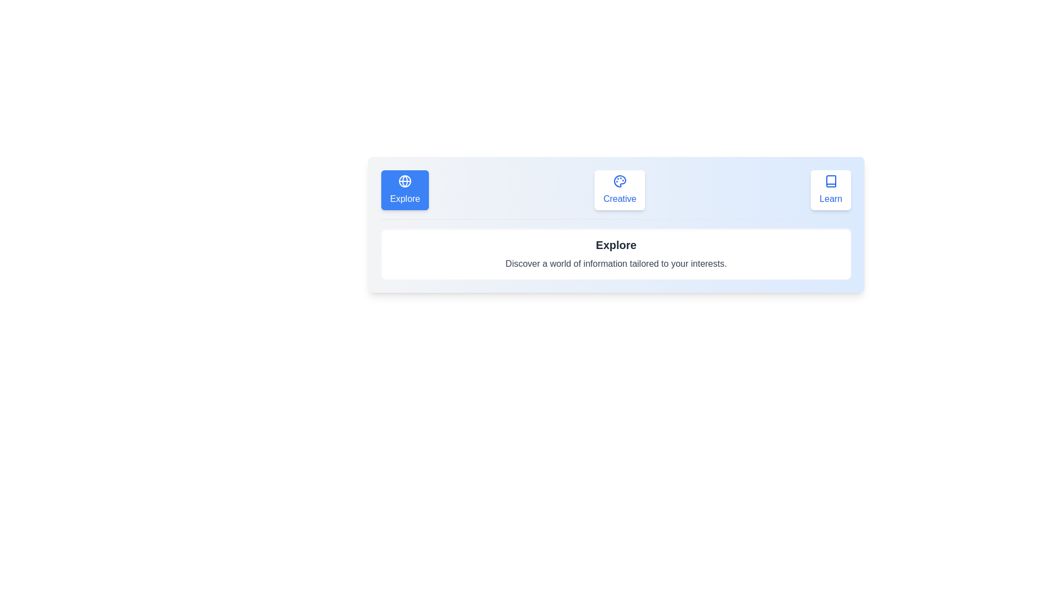 The image size is (1064, 599). What do you see at coordinates (619, 190) in the screenshot?
I see `the tab labeled Creative` at bounding box center [619, 190].